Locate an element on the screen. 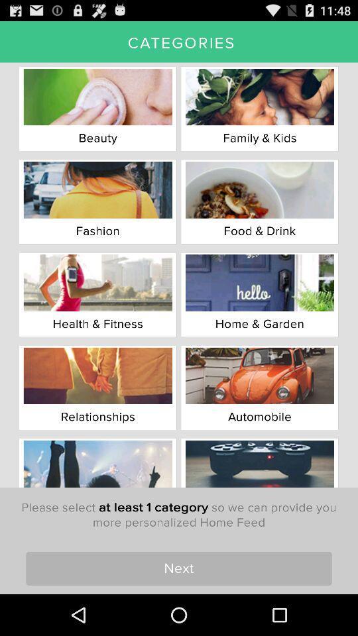  next item is located at coordinates (179, 568).